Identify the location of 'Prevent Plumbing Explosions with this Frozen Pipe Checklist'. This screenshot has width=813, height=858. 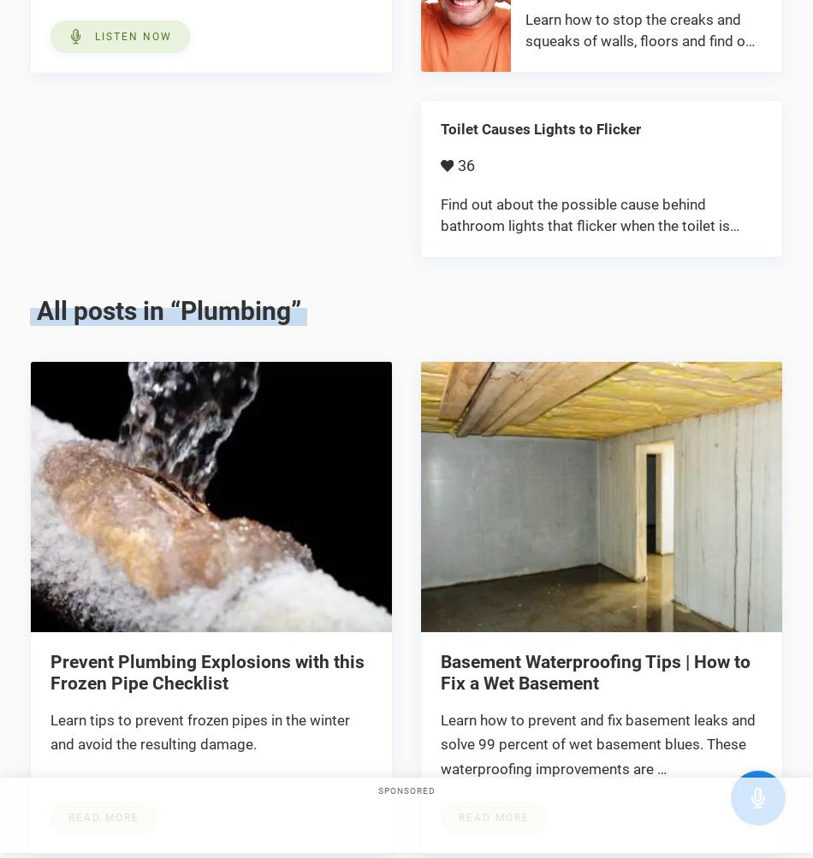
(205, 671).